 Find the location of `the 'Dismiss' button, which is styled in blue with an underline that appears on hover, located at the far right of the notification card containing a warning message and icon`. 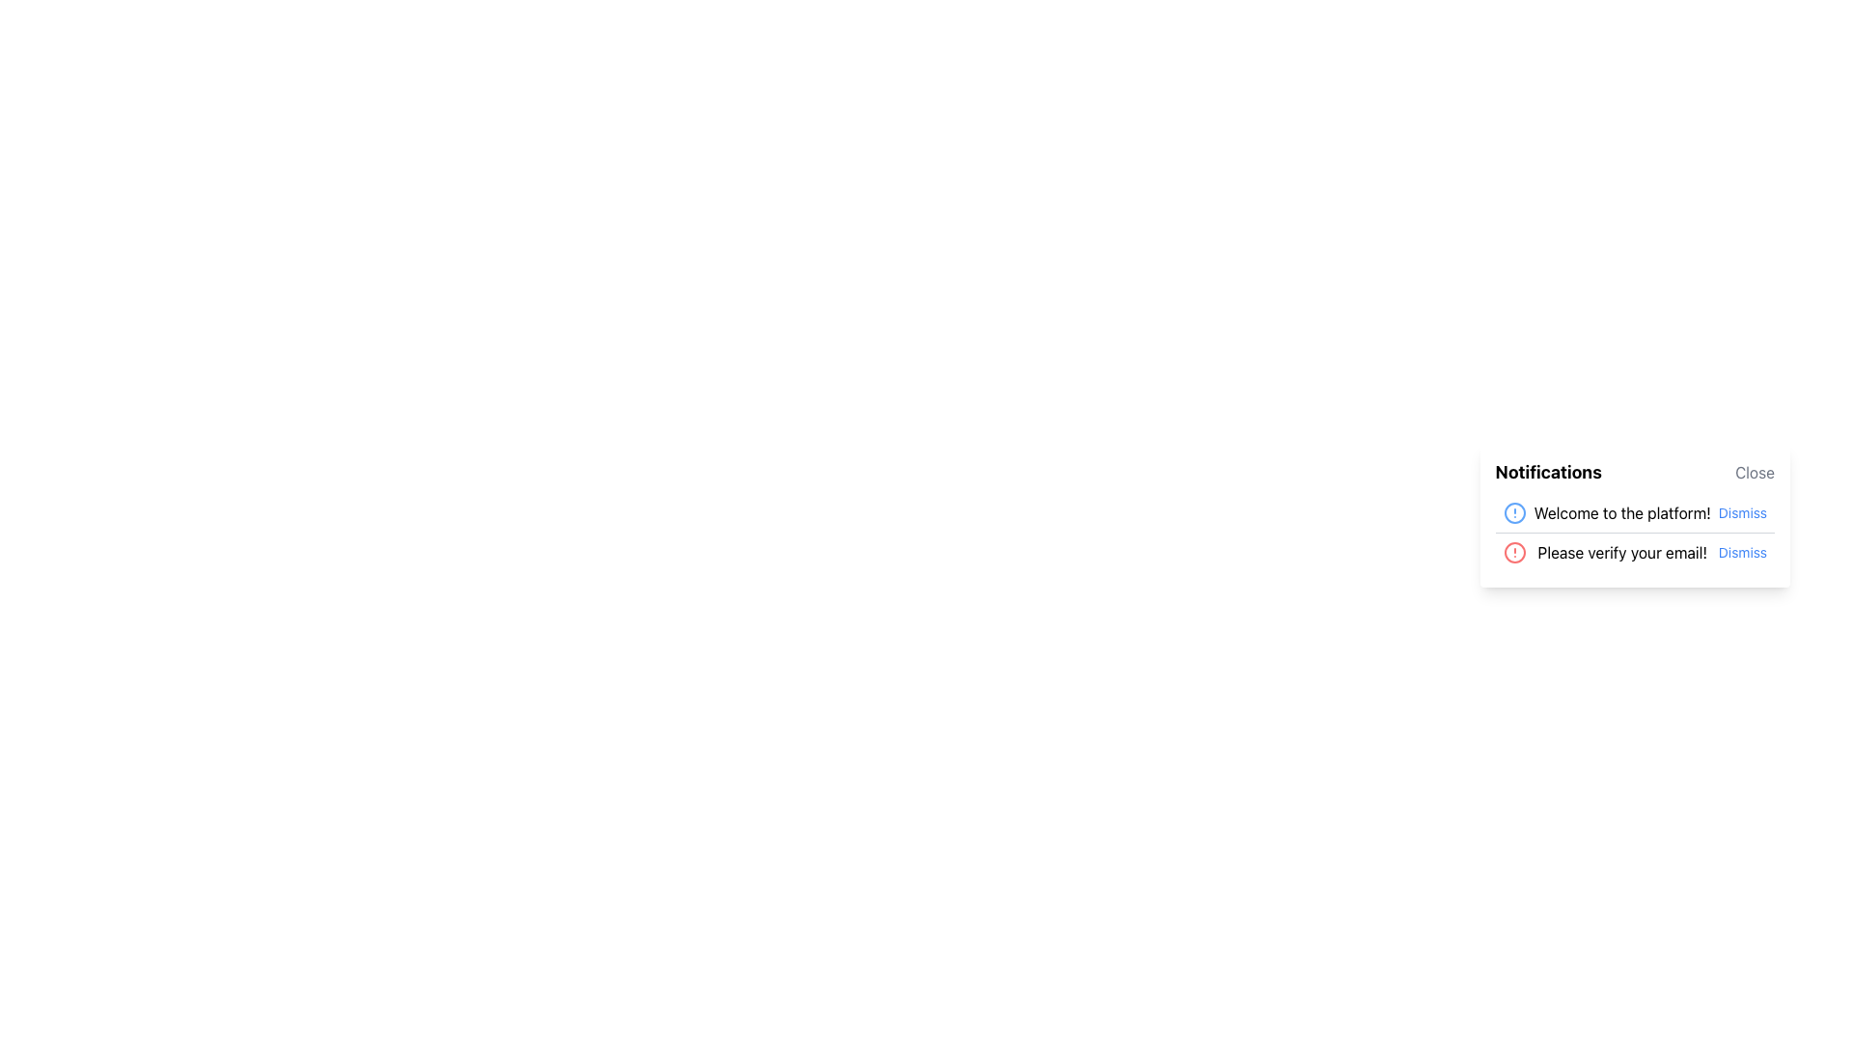

the 'Dismiss' button, which is styled in blue with an underline that appears on hover, located at the far right of the notification card containing a warning message and icon is located at coordinates (1742, 553).